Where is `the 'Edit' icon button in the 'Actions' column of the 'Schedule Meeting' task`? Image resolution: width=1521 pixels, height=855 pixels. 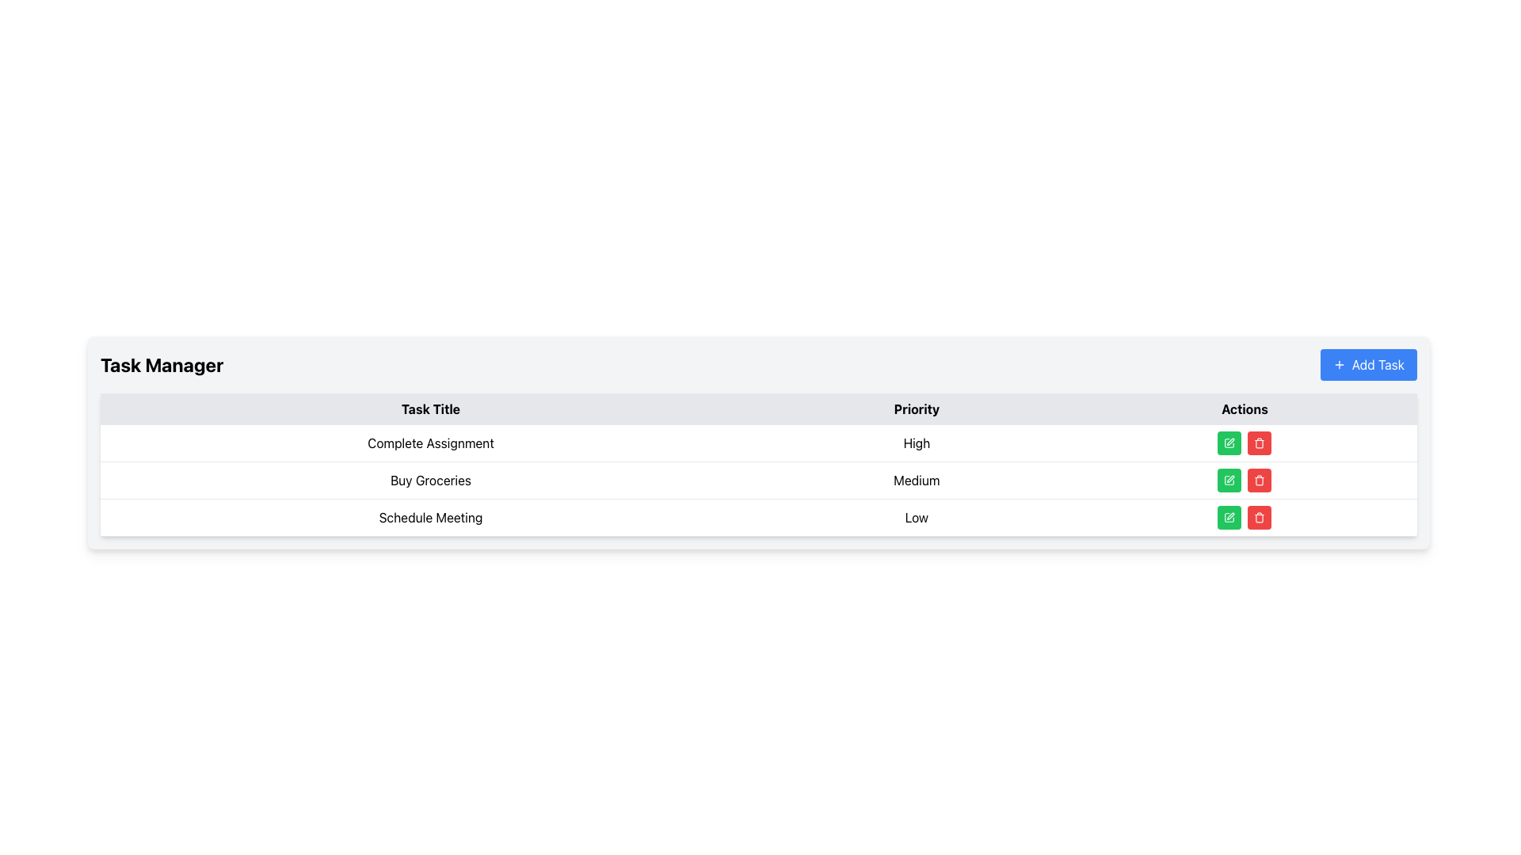
the 'Edit' icon button in the 'Actions' column of the 'Schedule Meeting' task is located at coordinates (1229, 518).